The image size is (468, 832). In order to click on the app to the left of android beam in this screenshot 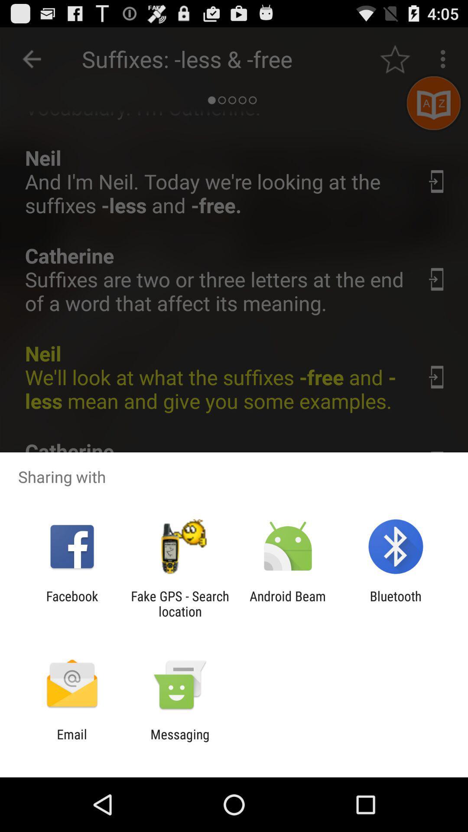, I will do `click(179, 603)`.